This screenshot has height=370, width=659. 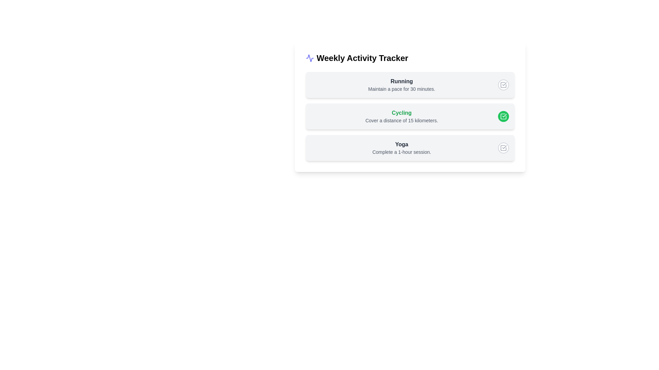 I want to click on text displayed in the middle activity card, which indicates 'Cycling' and its goal of 'Cover a distance of 15 kilometers.', so click(x=402, y=116).